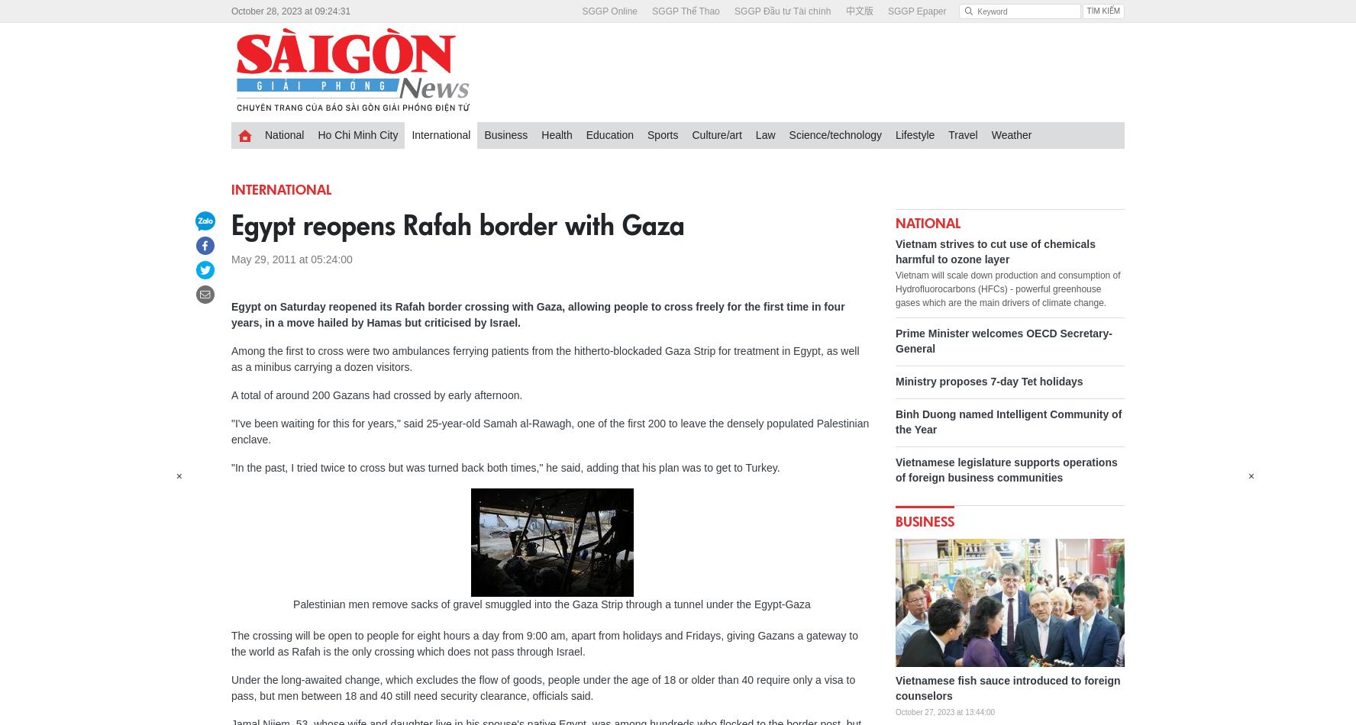 The image size is (1356, 725). Describe the element at coordinates (351, 193) in the screenshot. I see `'Banking-finance'` at that location.